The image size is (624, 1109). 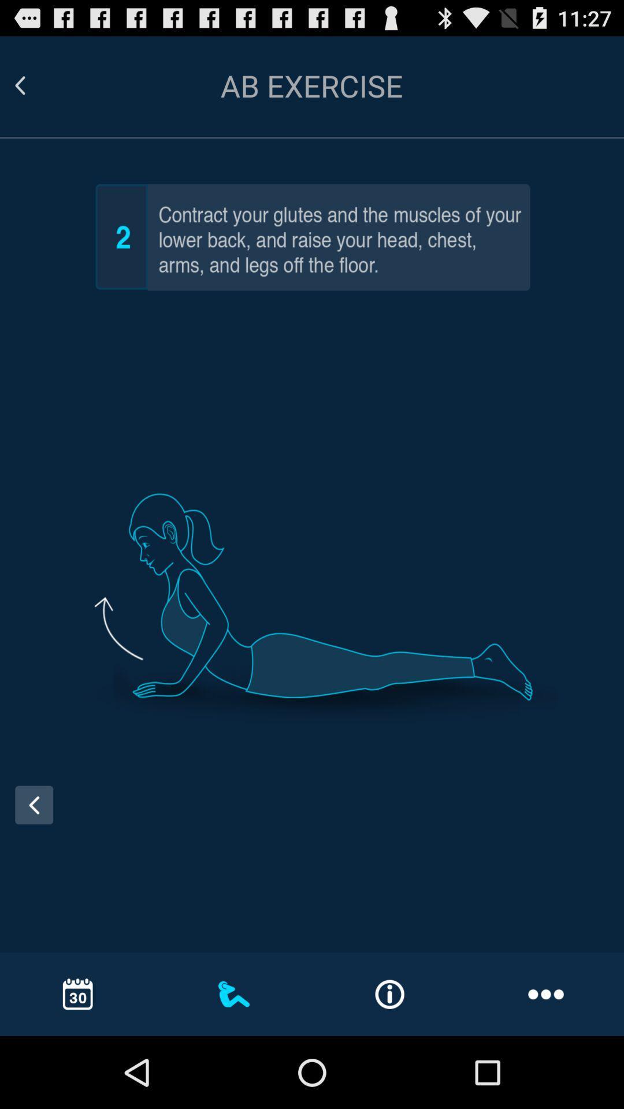 I want to click on the arrow_backward icon, so click(x=29, y=873).